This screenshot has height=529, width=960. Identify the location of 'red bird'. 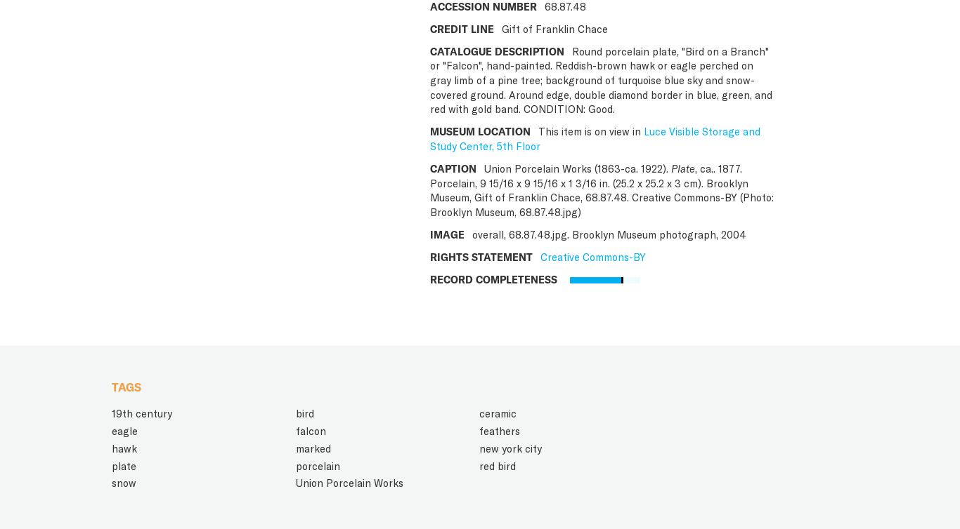
(497, 464).